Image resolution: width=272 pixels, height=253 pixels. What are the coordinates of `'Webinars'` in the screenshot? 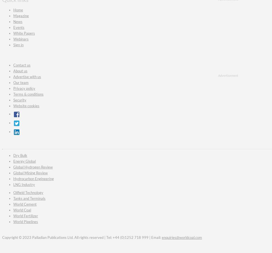 It's located at (13, 38).